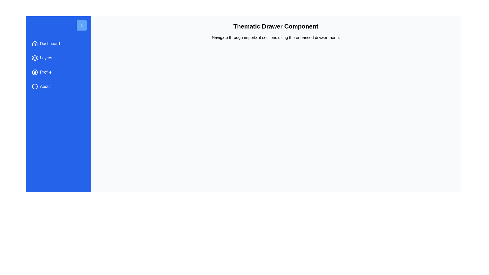 The image size is (489, 275). What do you see at coordinates (58, 44) in the screenshot?
I see `the menu item labeled Dashboard` at bounding box center [58, 44].